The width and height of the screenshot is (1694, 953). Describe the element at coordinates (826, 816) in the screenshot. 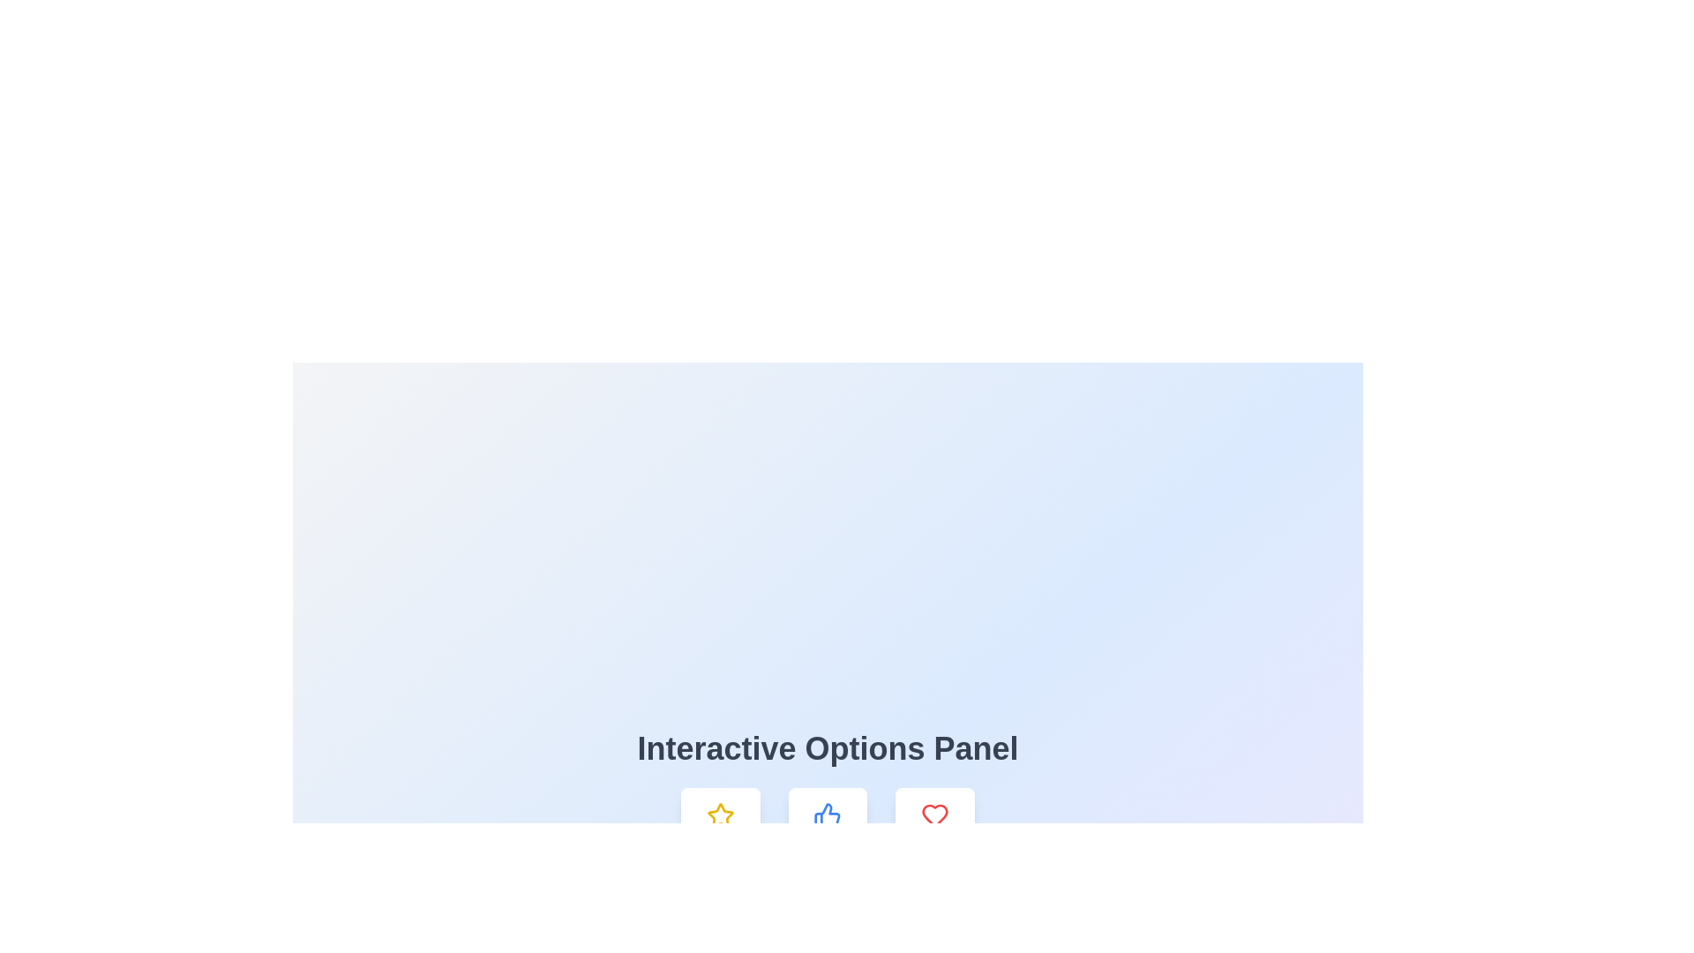

I see `the blue thumbs-up icon located` at that location.